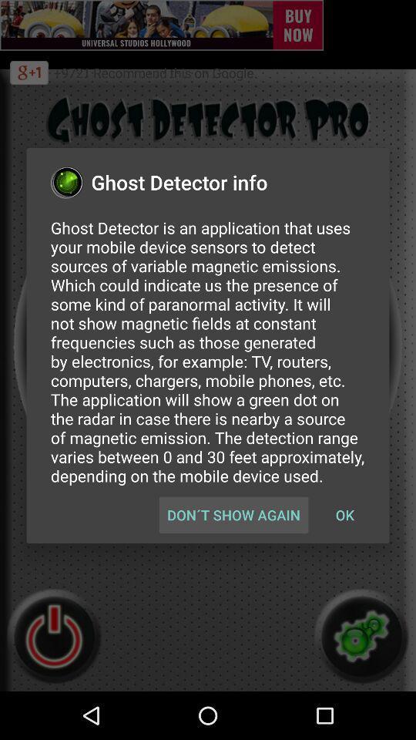 This screenshot has width=416, height=740. Describe the element at coordinates (233, 515) in the screenshot. I see `the don t show icon` at that location.